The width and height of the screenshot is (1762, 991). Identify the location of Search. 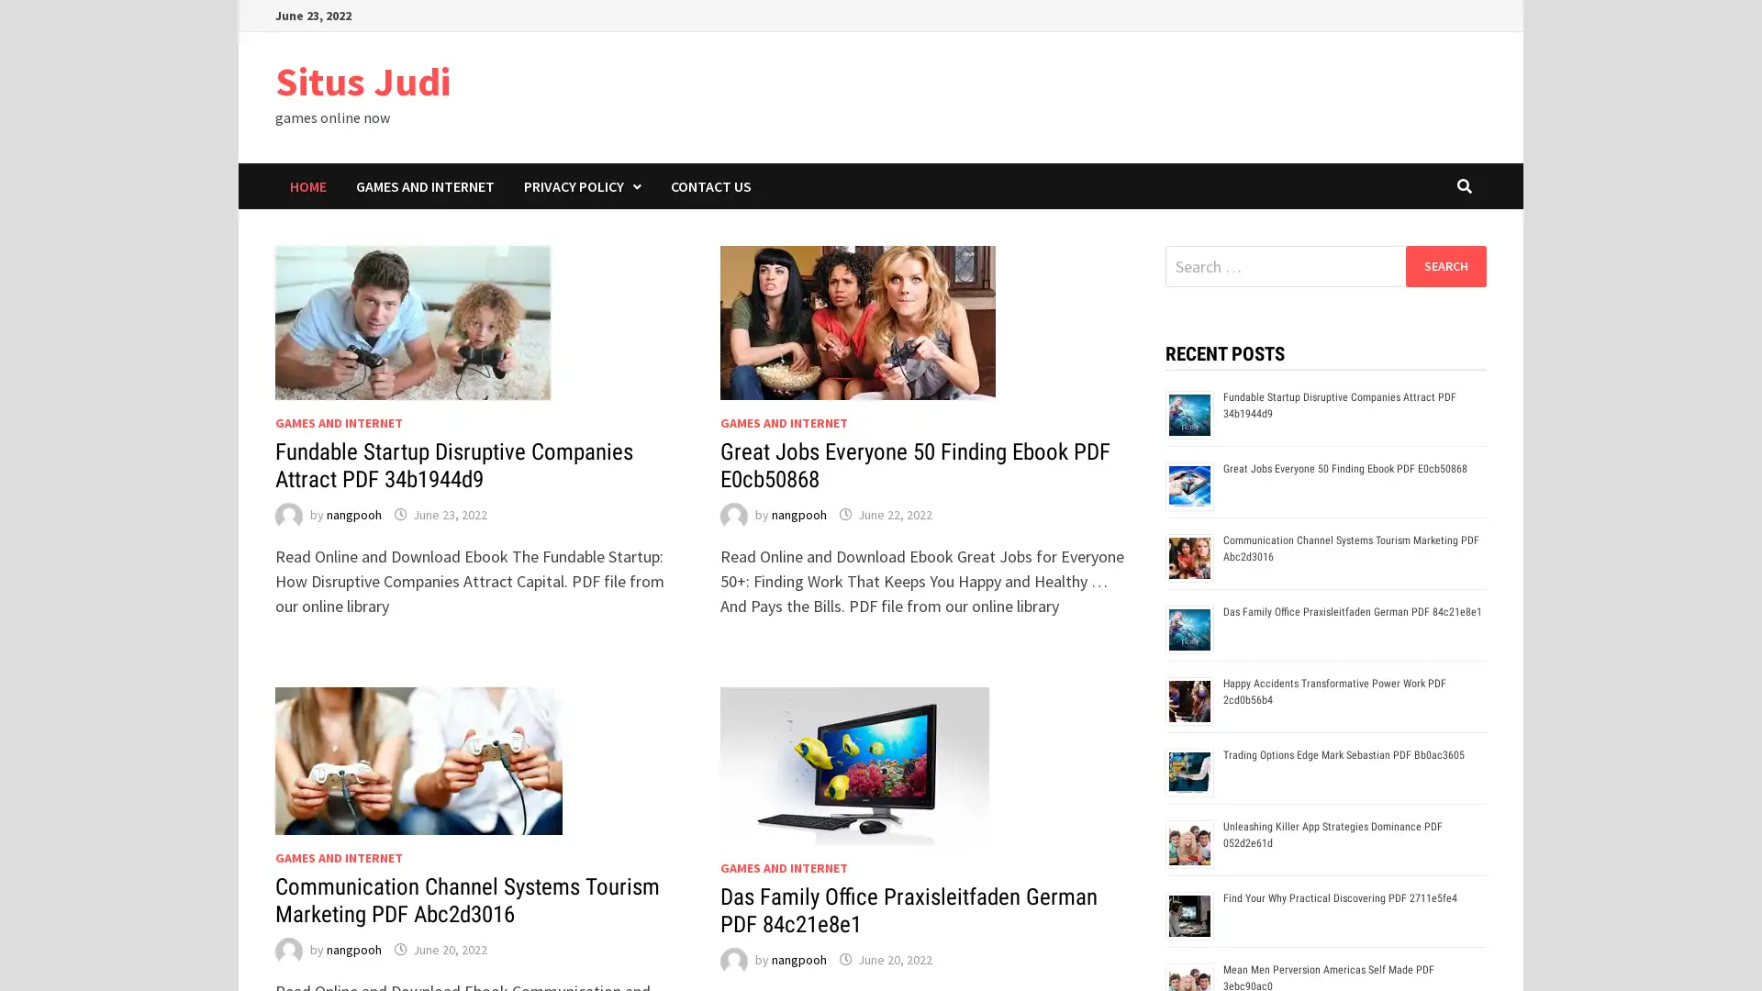
(1444, 265).